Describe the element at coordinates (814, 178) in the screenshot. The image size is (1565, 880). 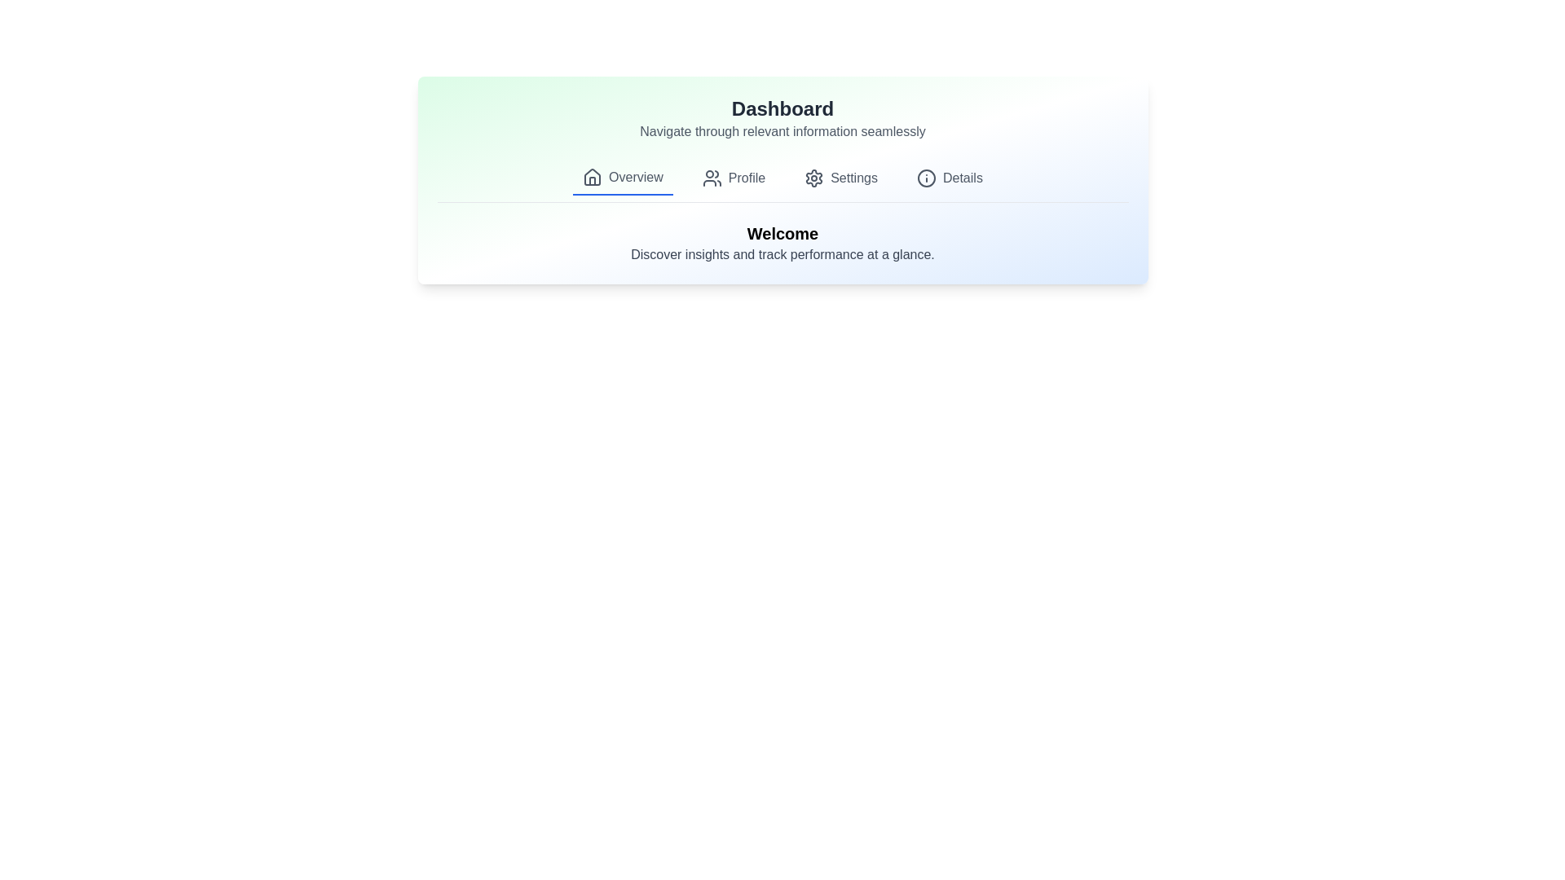
I see `the gear-shaped icon located to the left of the 'Settings' text in the navigation bar` at that location.